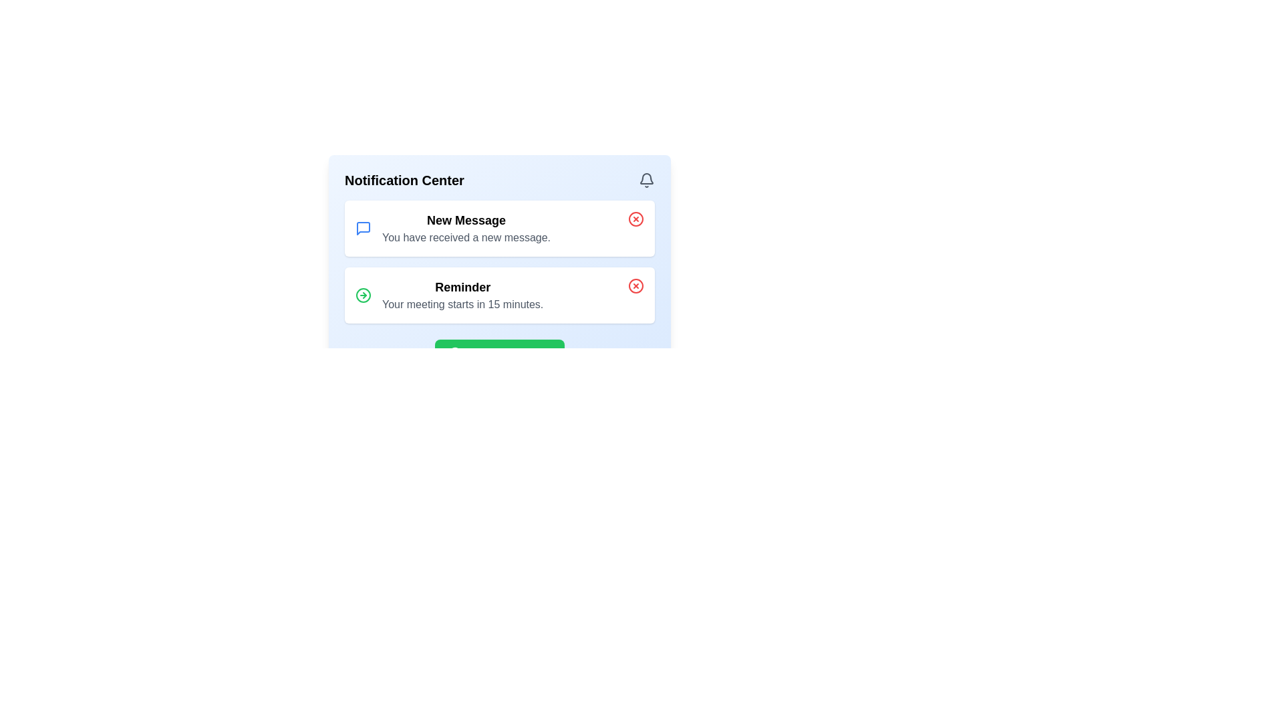 Image resolution: width=1283 pixels, height=722 pixels. What do you see at coordinates (466, 220) in the screenshot?
I see `text label 'New Message' which is bold and prominently displayed at the top of the notification list` at bounding box center [466, 220].